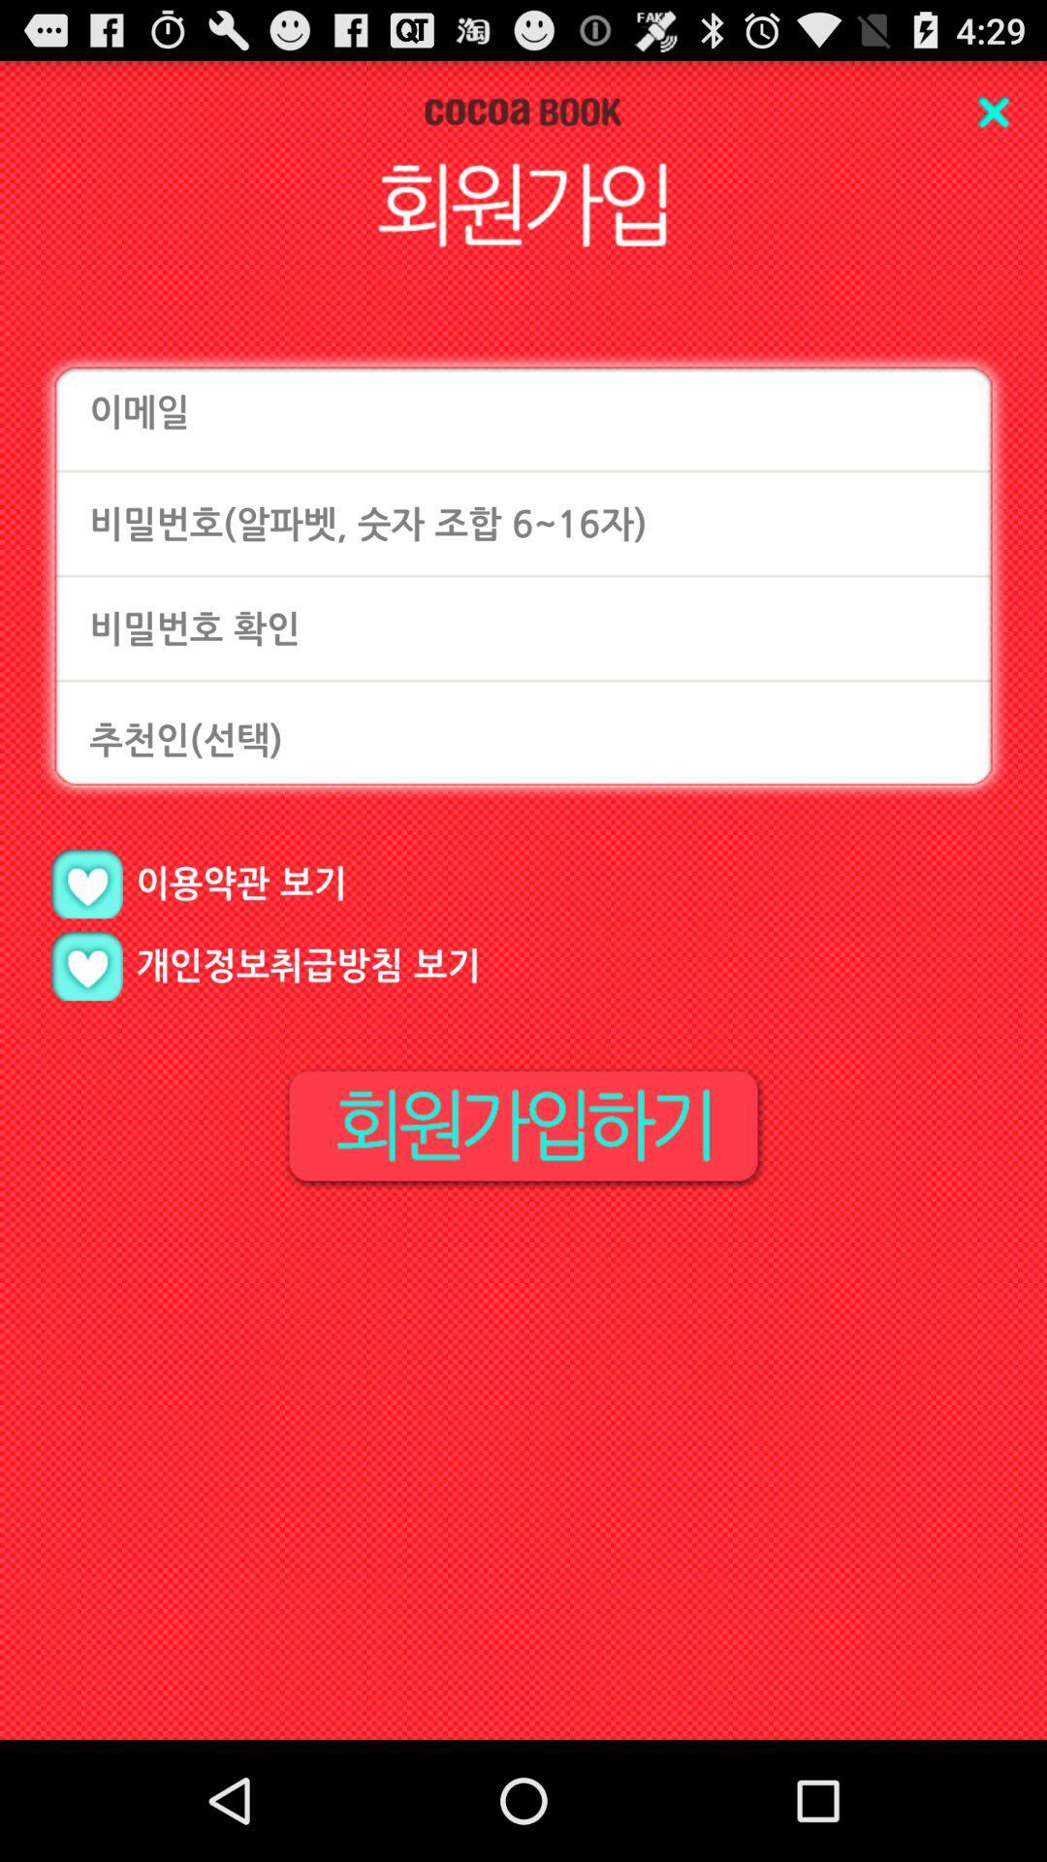 The height and width of the screenshot is (1862, 1047). Describe the element at coordinates (993, 111) in the screenshot. I see `tab` at that location.